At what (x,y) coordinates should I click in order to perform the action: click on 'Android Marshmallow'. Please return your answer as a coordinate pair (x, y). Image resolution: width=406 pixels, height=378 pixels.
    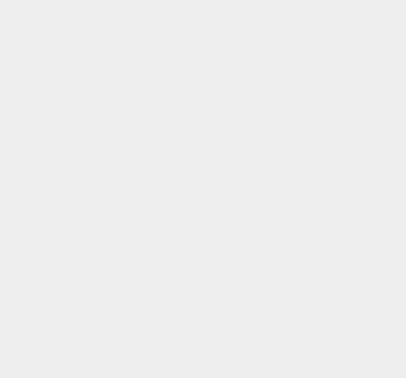
    Looking at the image, I should click on (311, 299).